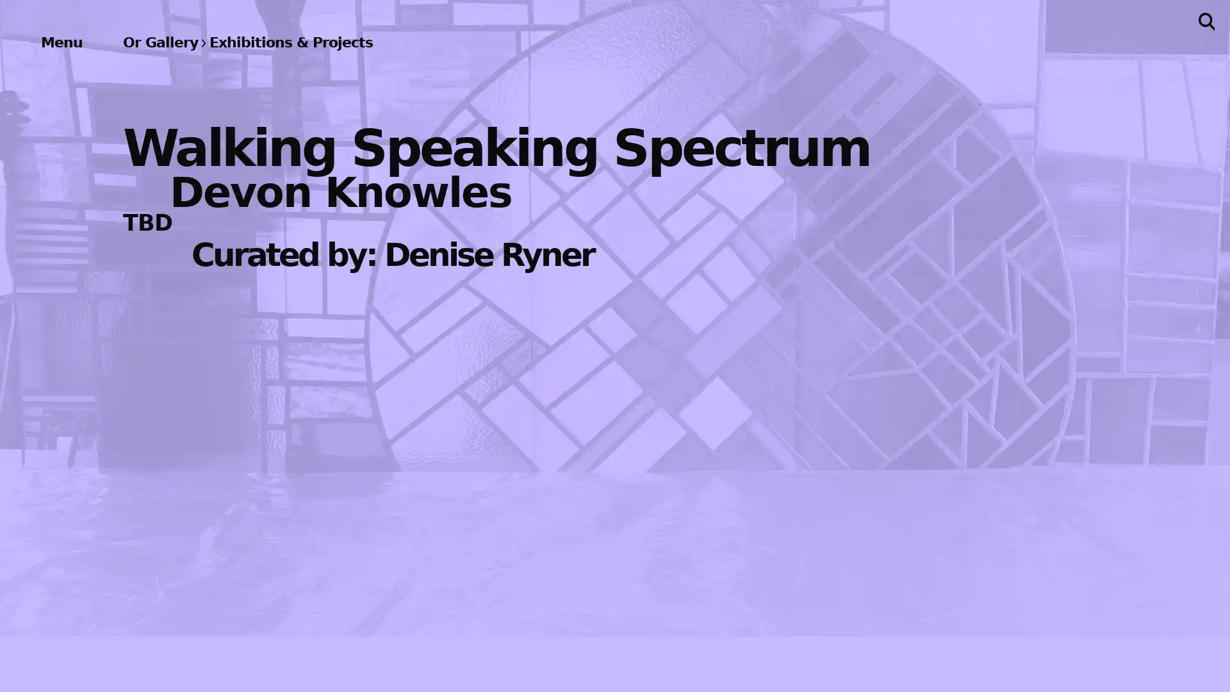  Describe the element at coordinates (746, 267) in the screenshot. I see `Subscribe` at that location.